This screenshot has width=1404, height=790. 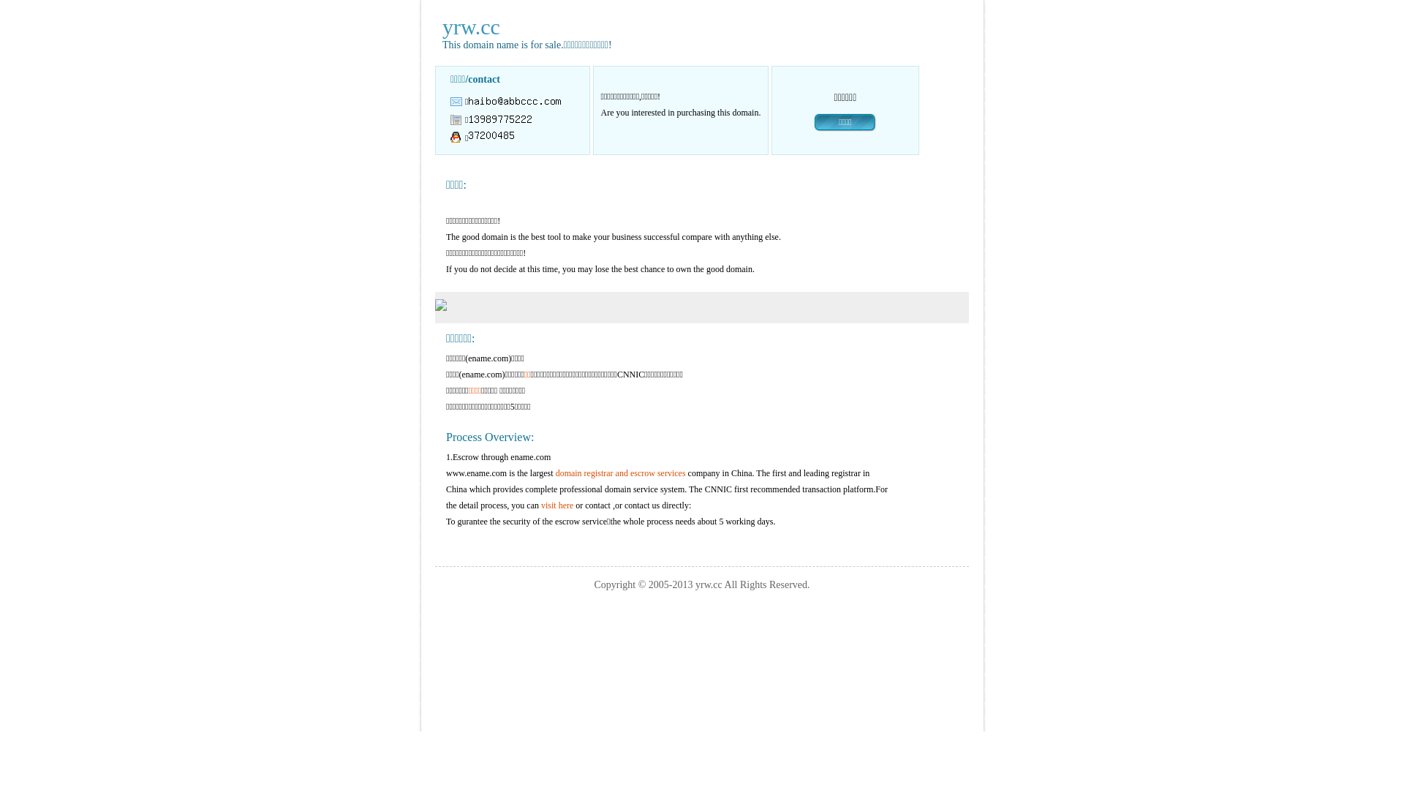 I want to click on 'visit here', so click(x=556, y=504).